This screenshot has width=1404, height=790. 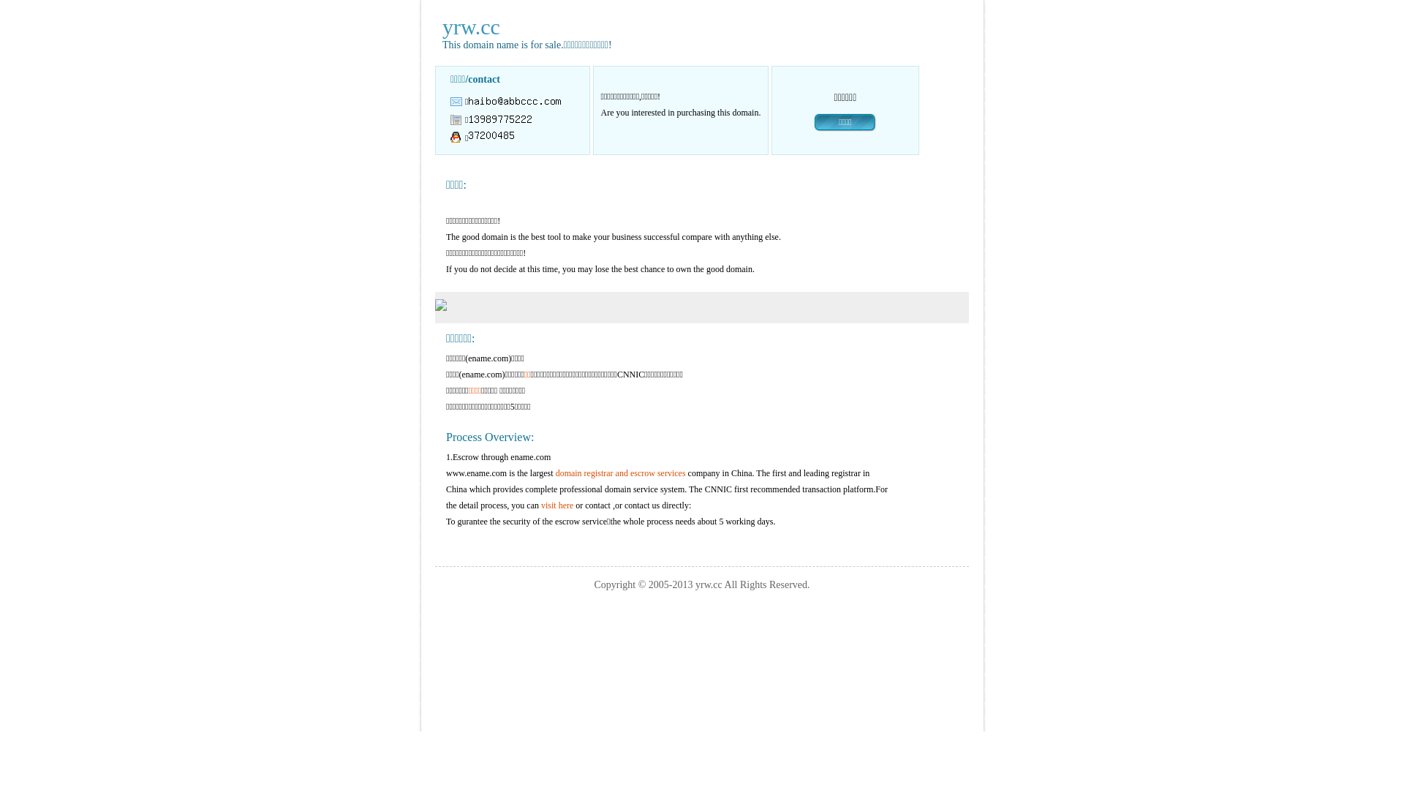 I want to click on 'visit here', so click(x=556, y=504).